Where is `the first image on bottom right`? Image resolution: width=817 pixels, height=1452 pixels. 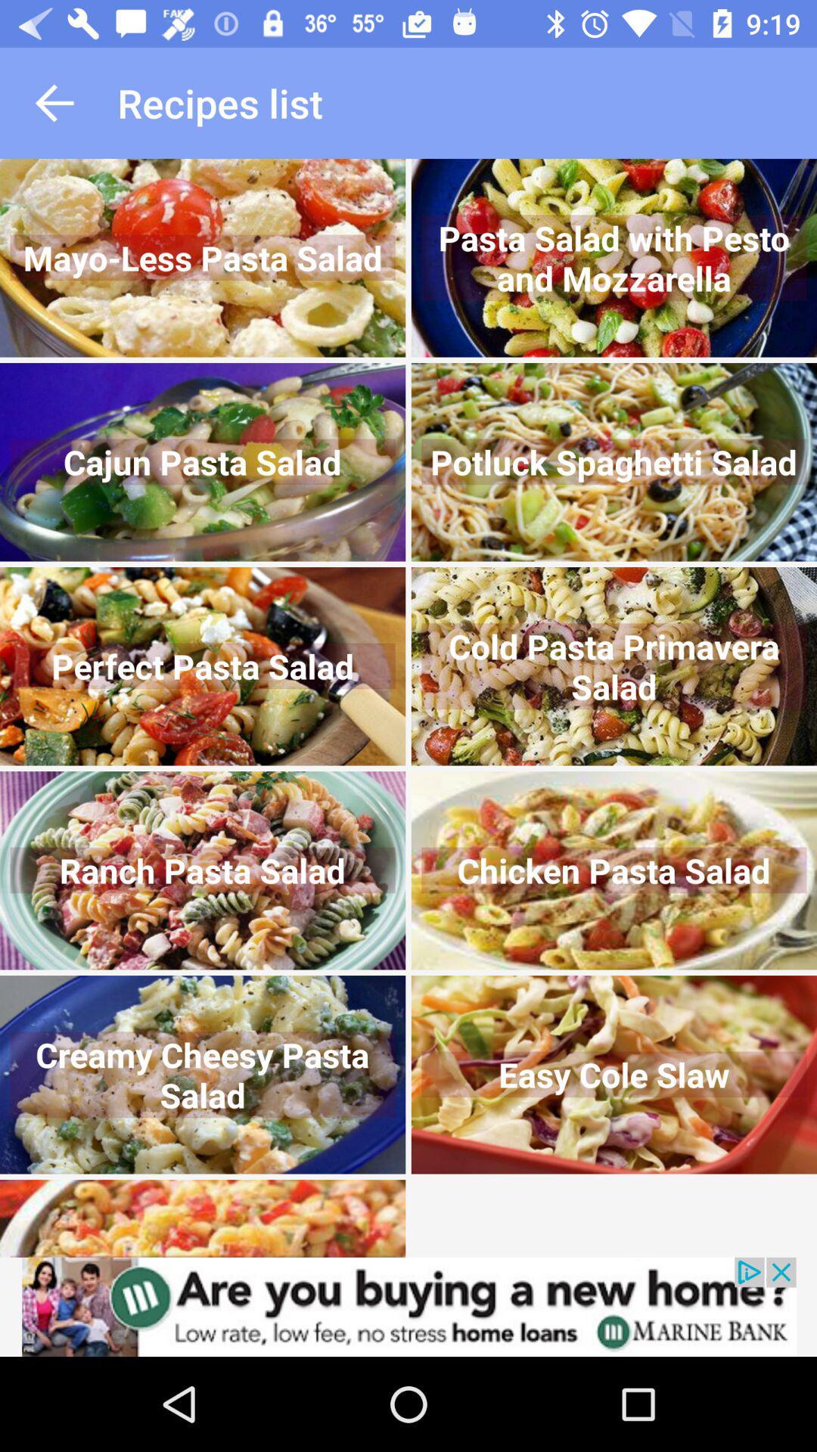
the first image on bottom right is located at coordinates (614, 1074).